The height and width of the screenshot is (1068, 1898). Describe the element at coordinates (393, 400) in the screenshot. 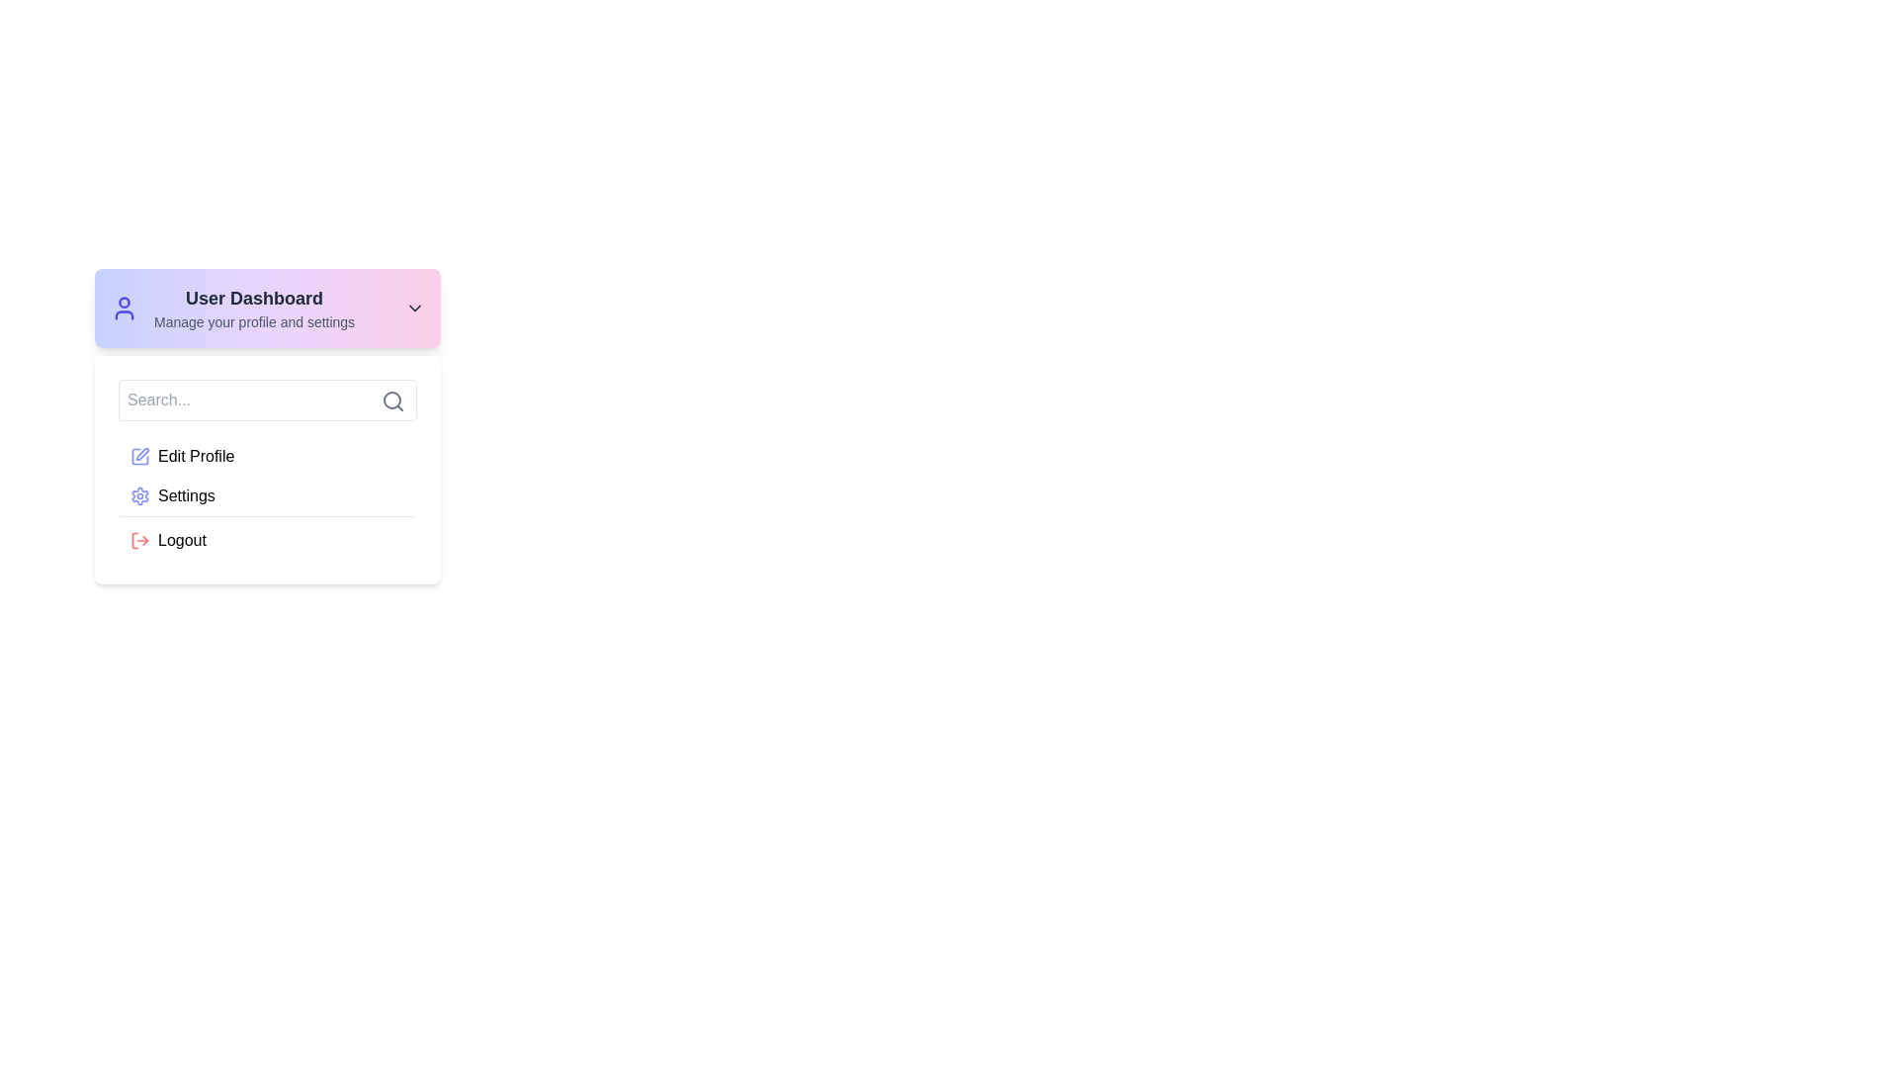

I see `the gray magnifying glass icon located at the top-right corner inside the search bar for potential visual feedback` at that location.